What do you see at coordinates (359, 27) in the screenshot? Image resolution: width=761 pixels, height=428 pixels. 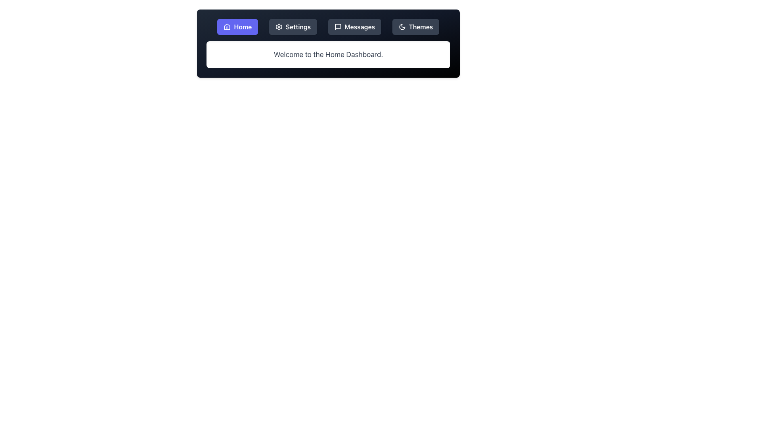 I see `the text label displaying 'Messages' in the navigation bar, which is styled in white font on a dark background and positioned to the right of a speech bubble icon` at bounding box center [359, 27].